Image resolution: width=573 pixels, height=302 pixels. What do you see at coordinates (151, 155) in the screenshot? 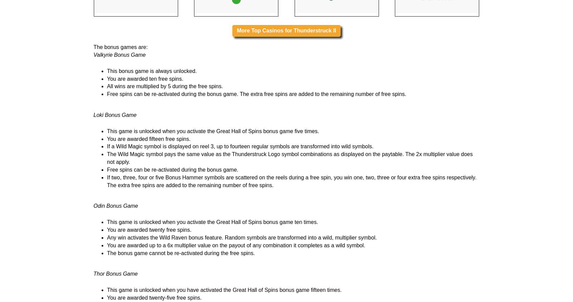
I see `'This bonus game is always unlocked.'` at bounding box center [151, 155].